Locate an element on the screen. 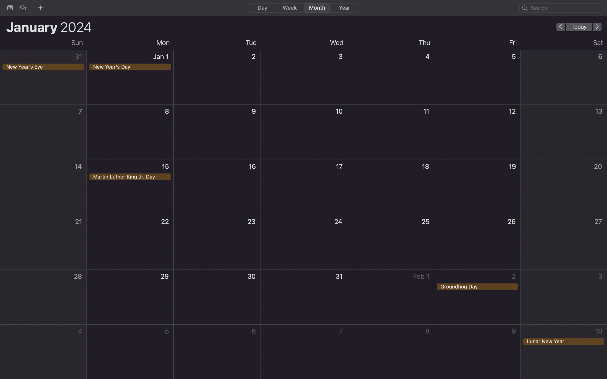 This screenshot has height=379, width=607. Schedule an event titled Lunar New Year is located at coordinates (564, 351).